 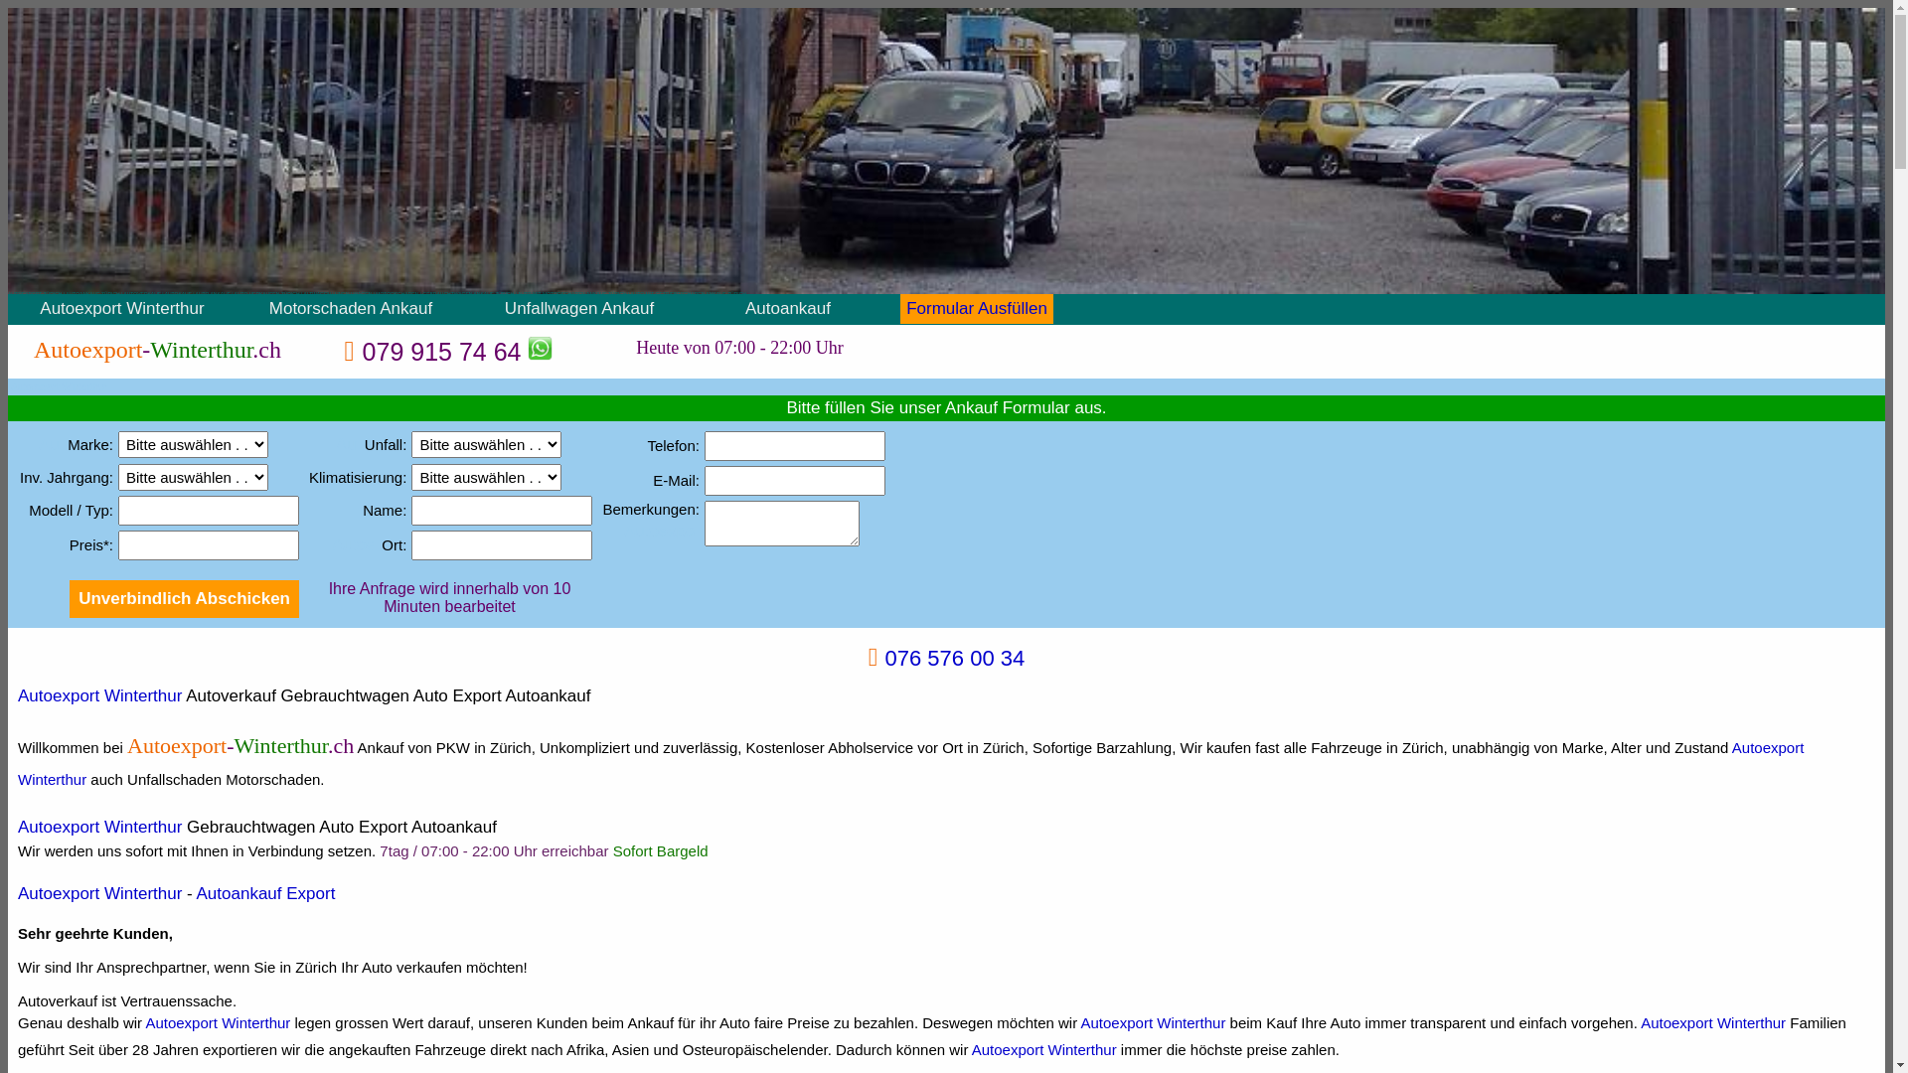 I want to click on 'Autoexport-Winterthur.ch', so click(x=156, y=348).